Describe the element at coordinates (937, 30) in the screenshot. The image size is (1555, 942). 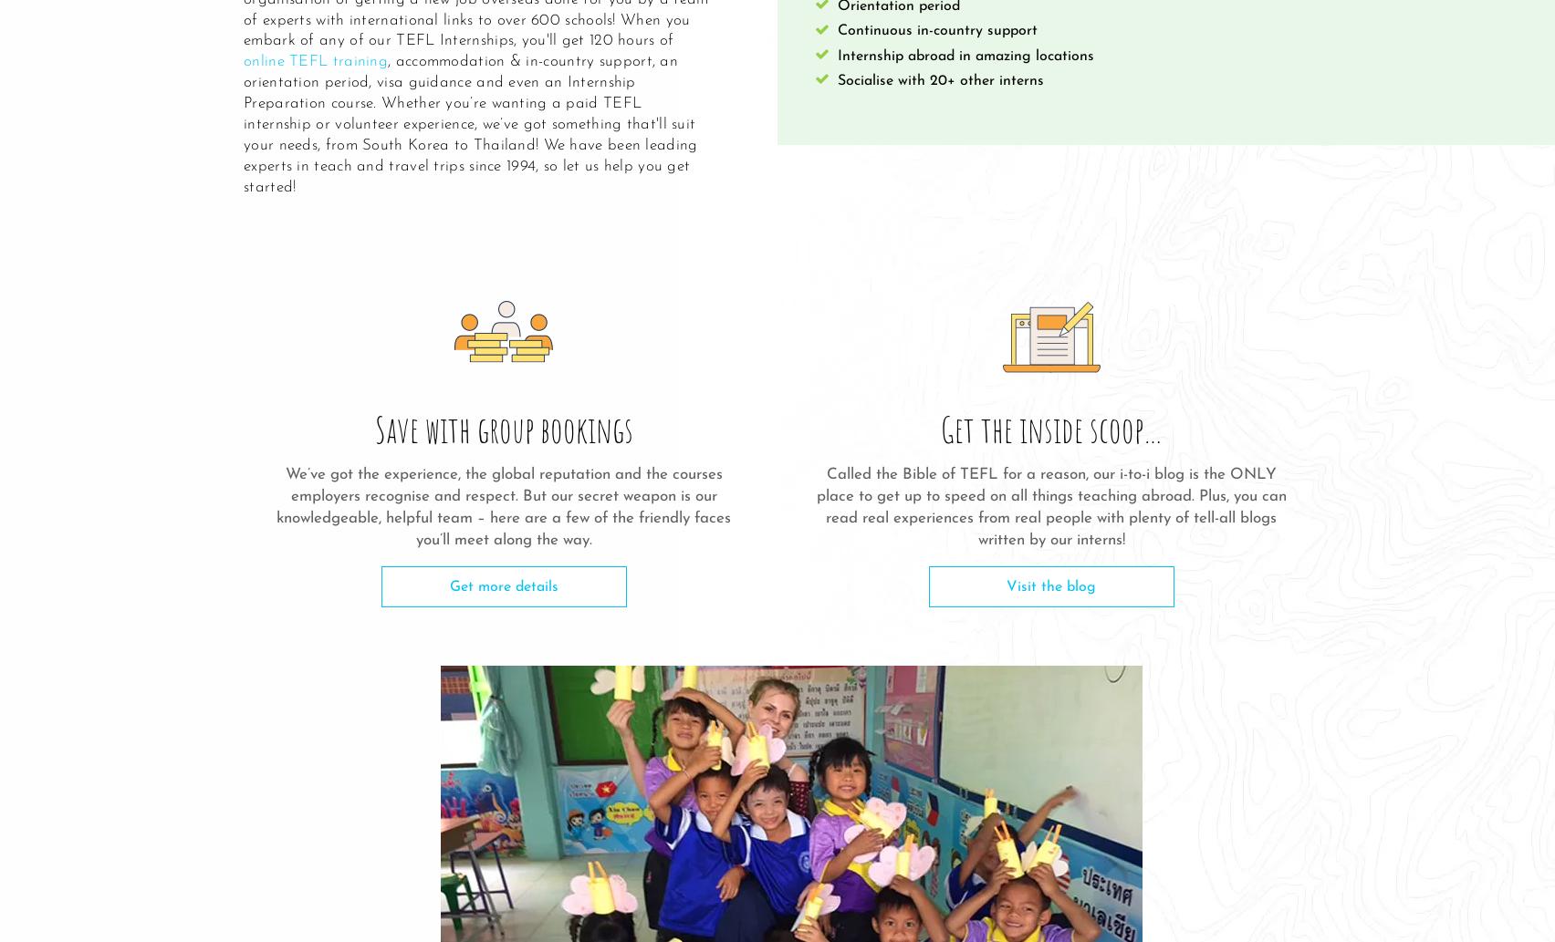
I see `'Continuous in-country support'` at that location.